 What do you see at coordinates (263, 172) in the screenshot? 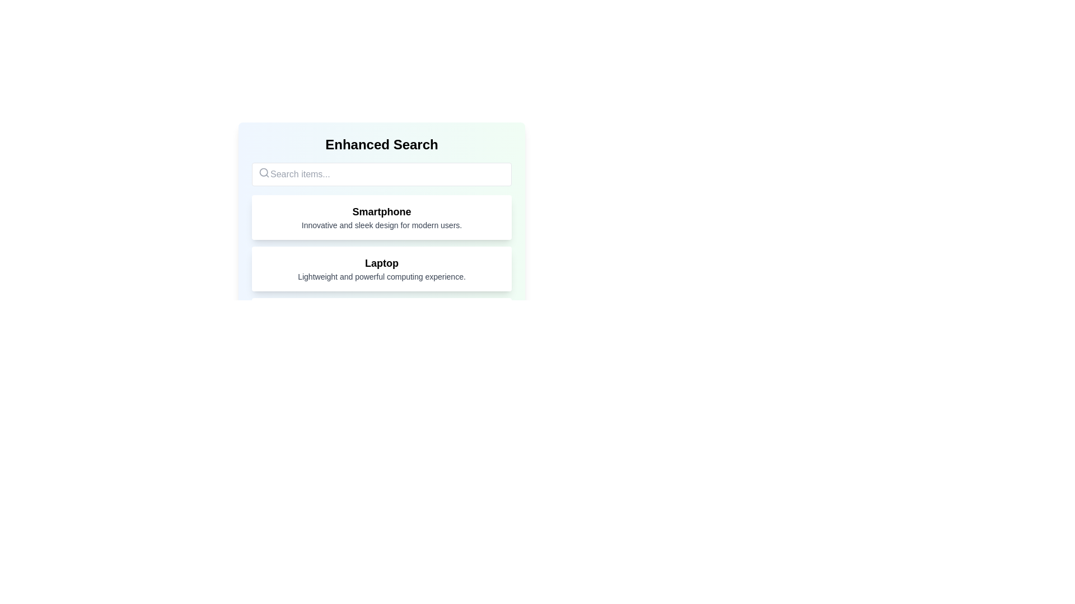
I see `the search icon located in the header of the search section, which visually represents the search functionality adjacent to the input box` at bounding box center [263, 172].